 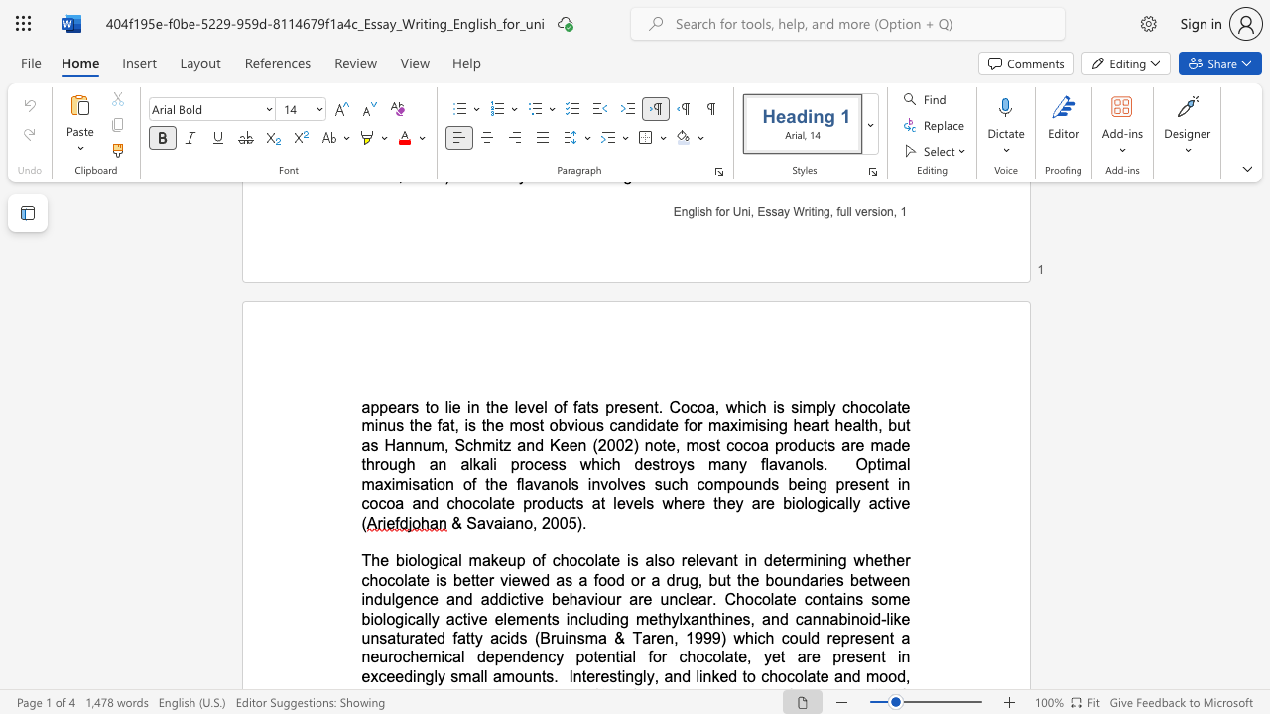 I want to click on the subset text "eva" within the text "The biological makeup of chocolate is also relevant in", so click(x=698, y=560).